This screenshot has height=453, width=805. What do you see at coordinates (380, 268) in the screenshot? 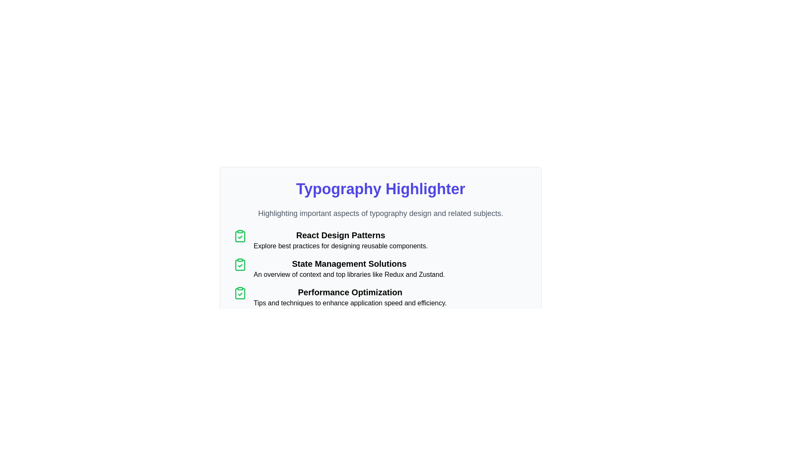
I see `the informational block displaying the sections 'React Design Patterns', 'State Management Solutions', and 'Performance Optimization', which is located centrally below the title 'Typography Highlighter'` at bounding box center [380, 268].